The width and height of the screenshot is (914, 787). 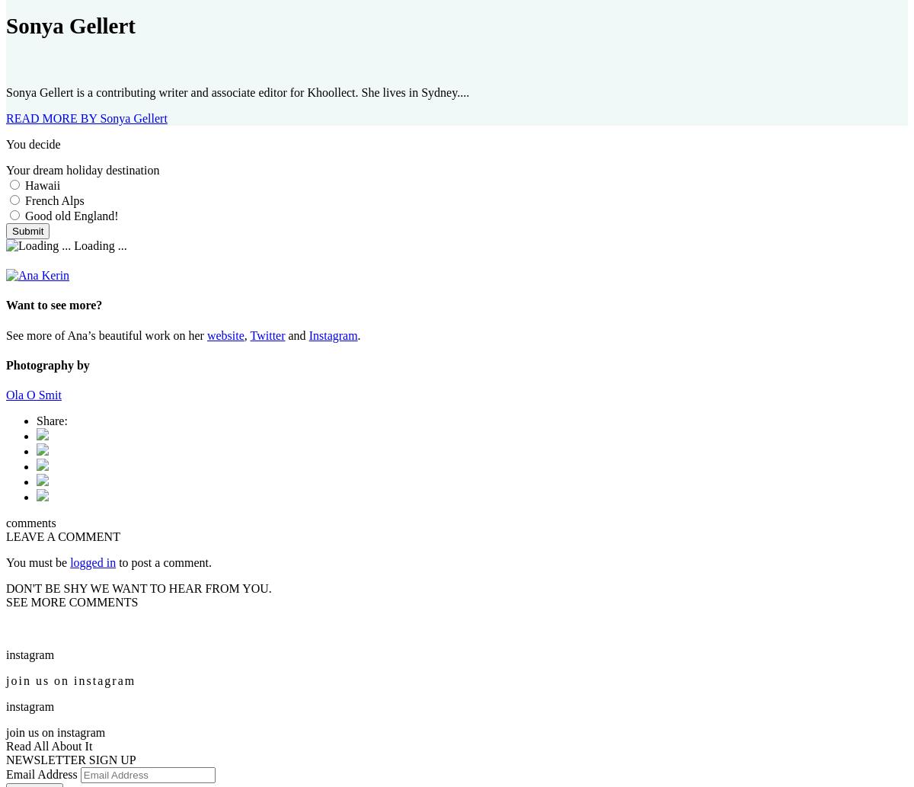 What do you see at coordinates (162, 562) in the screenshot?
I see `'to post a comment.'` at bounding box center [162, 562].